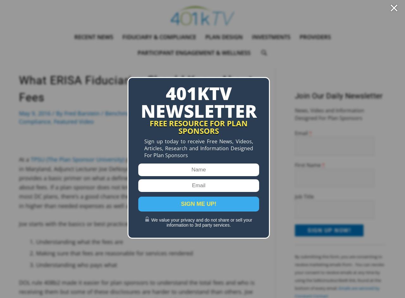 This screenshot has width=405, height=298. I want to click on 'First Name', so click(308, 165).